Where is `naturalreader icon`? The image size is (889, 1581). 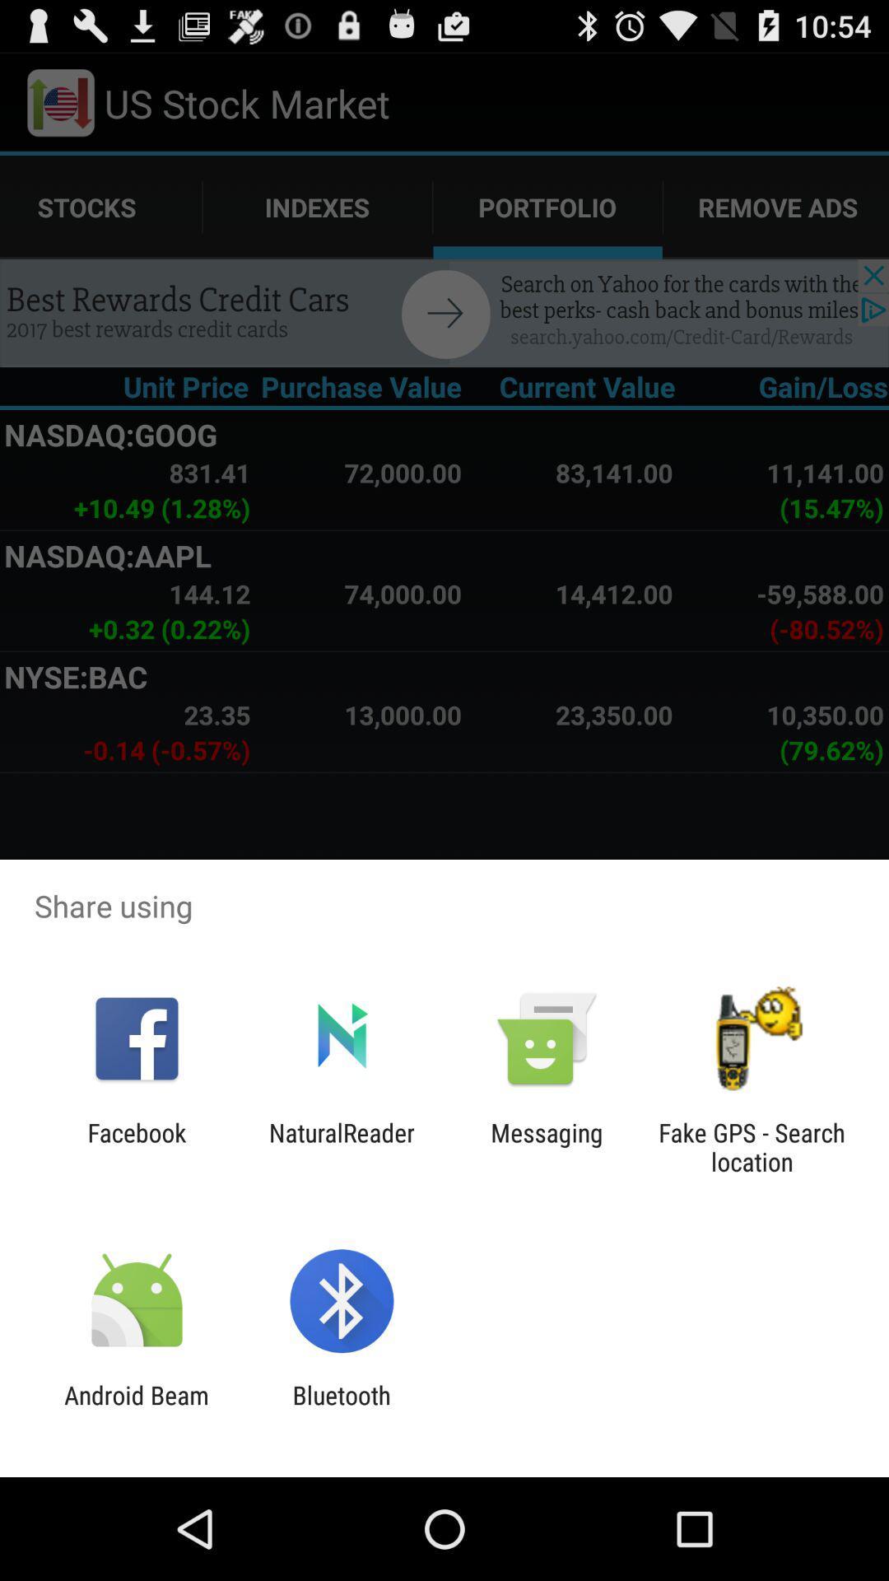
naturalreader icon is located at coordinates (341, 1146).